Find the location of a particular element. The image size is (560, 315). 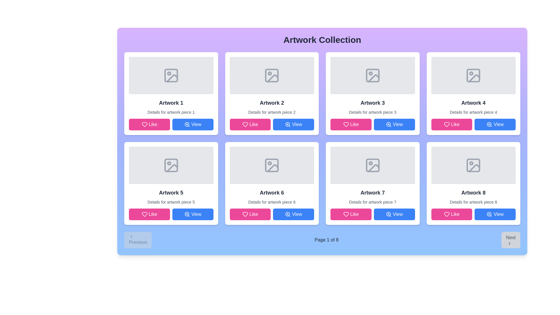

the gray rectangular Image Placeholder with an icon in the center, located at the top of the 'Artwork 7' card is located at coordinates (372, 165).